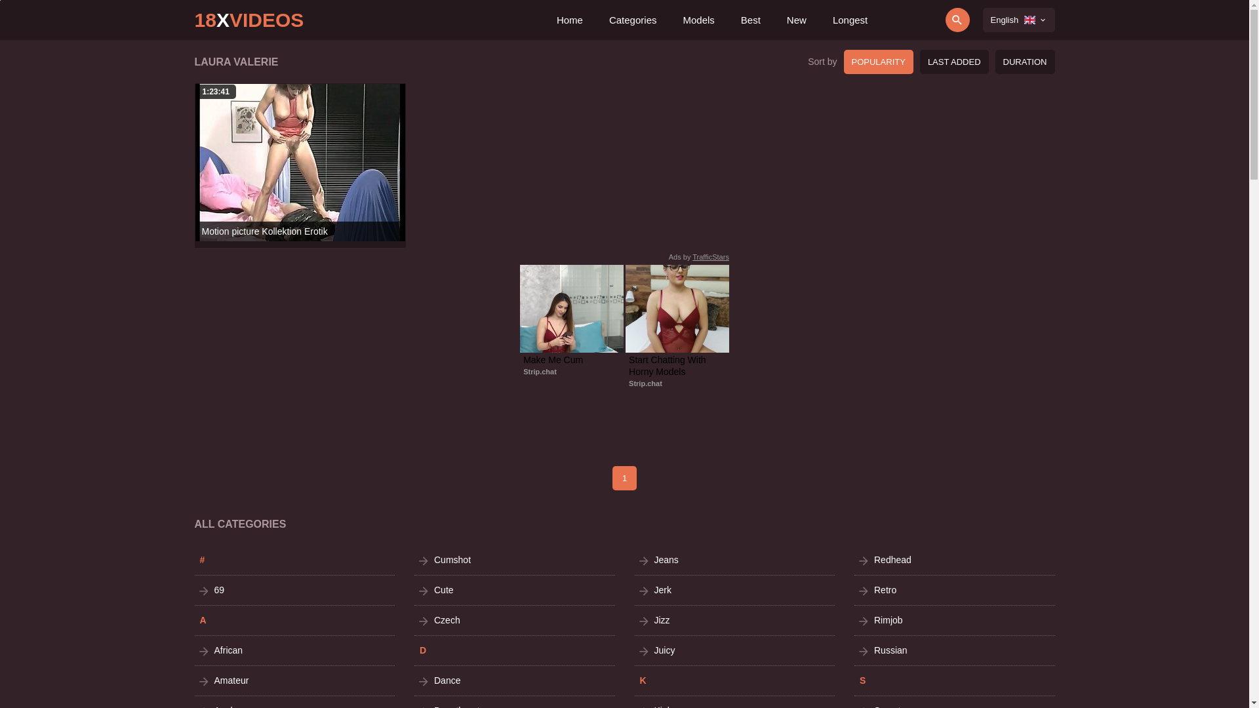 This screenshot has width=1259, height=708. Describe the element at coordinates (954, 560) in the screenshot. I see `'Redhead'` at that location.